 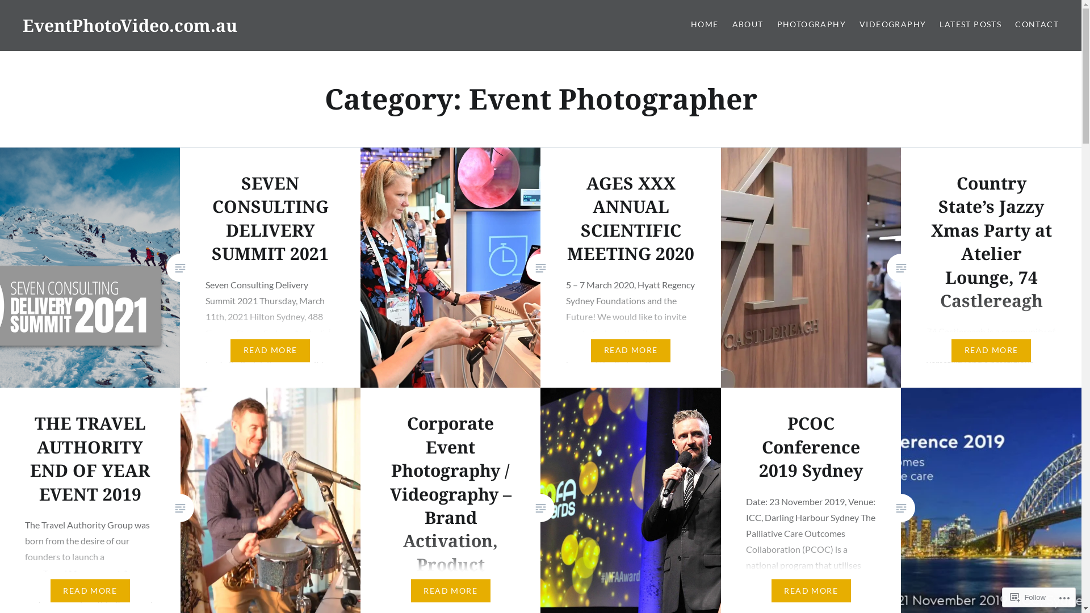 What do you see at coordinates (704, 24) in the screenshot?
I see `'HOME'` at bounding box center [704, 24].